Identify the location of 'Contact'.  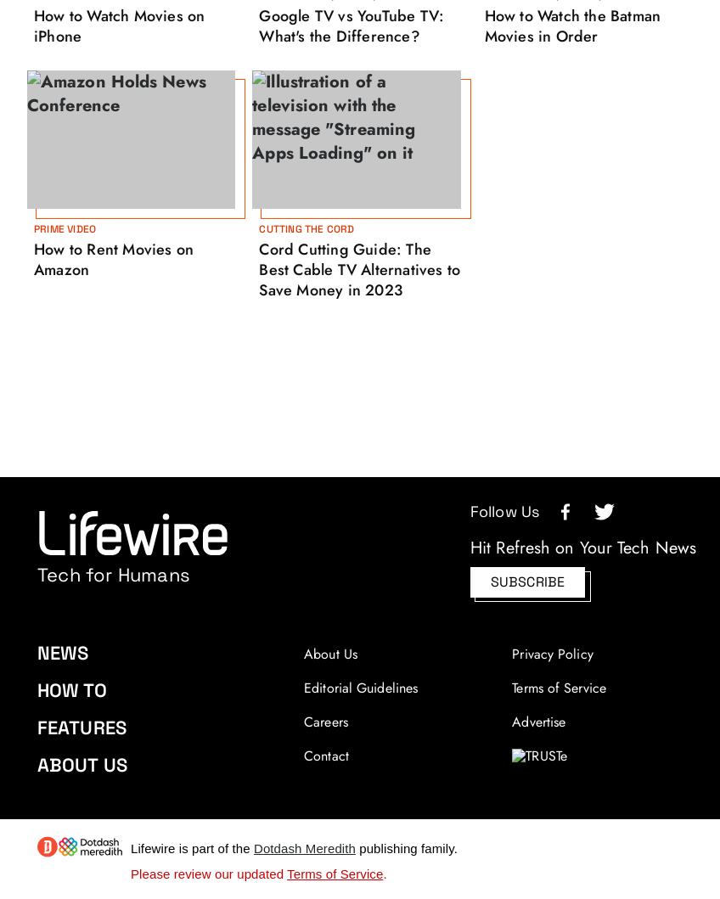
(325, 756).